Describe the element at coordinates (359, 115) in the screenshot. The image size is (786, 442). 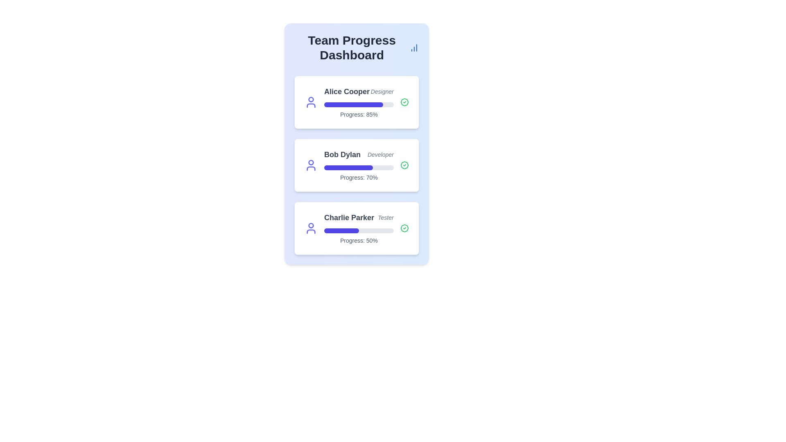
I see `the text label displaying 'Progress: 85%' located in the bottom section of the card for 'Alice Cooper Designer', which is styled in light gray and positioned below the progress bar` at that location.